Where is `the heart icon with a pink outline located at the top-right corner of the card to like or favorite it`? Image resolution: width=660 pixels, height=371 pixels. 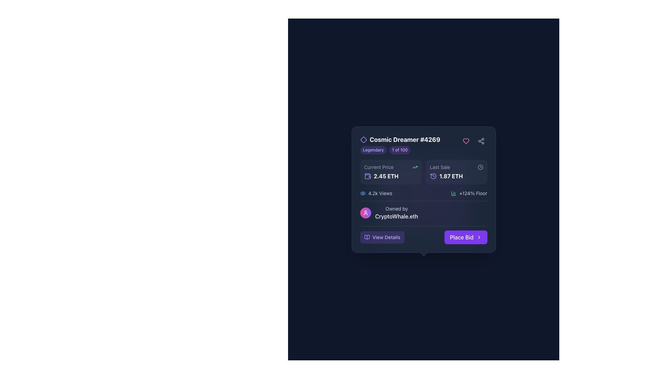
the heart icon with a pink outline located at the top-right corner of the card to like or favorite it is located at coordinates (466, 141).